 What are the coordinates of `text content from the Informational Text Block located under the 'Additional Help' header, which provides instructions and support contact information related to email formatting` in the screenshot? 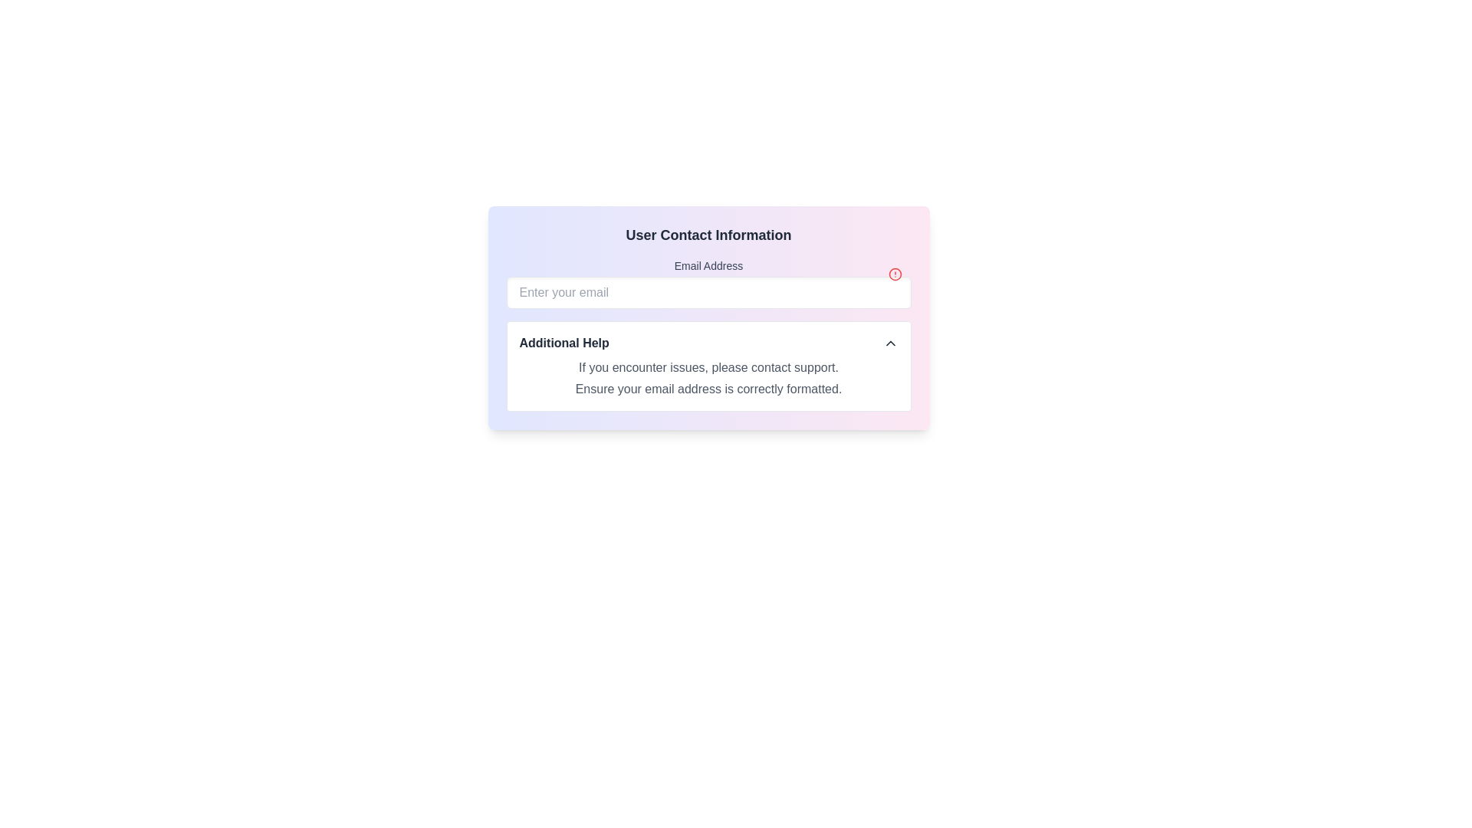 It's located at (708, 378).